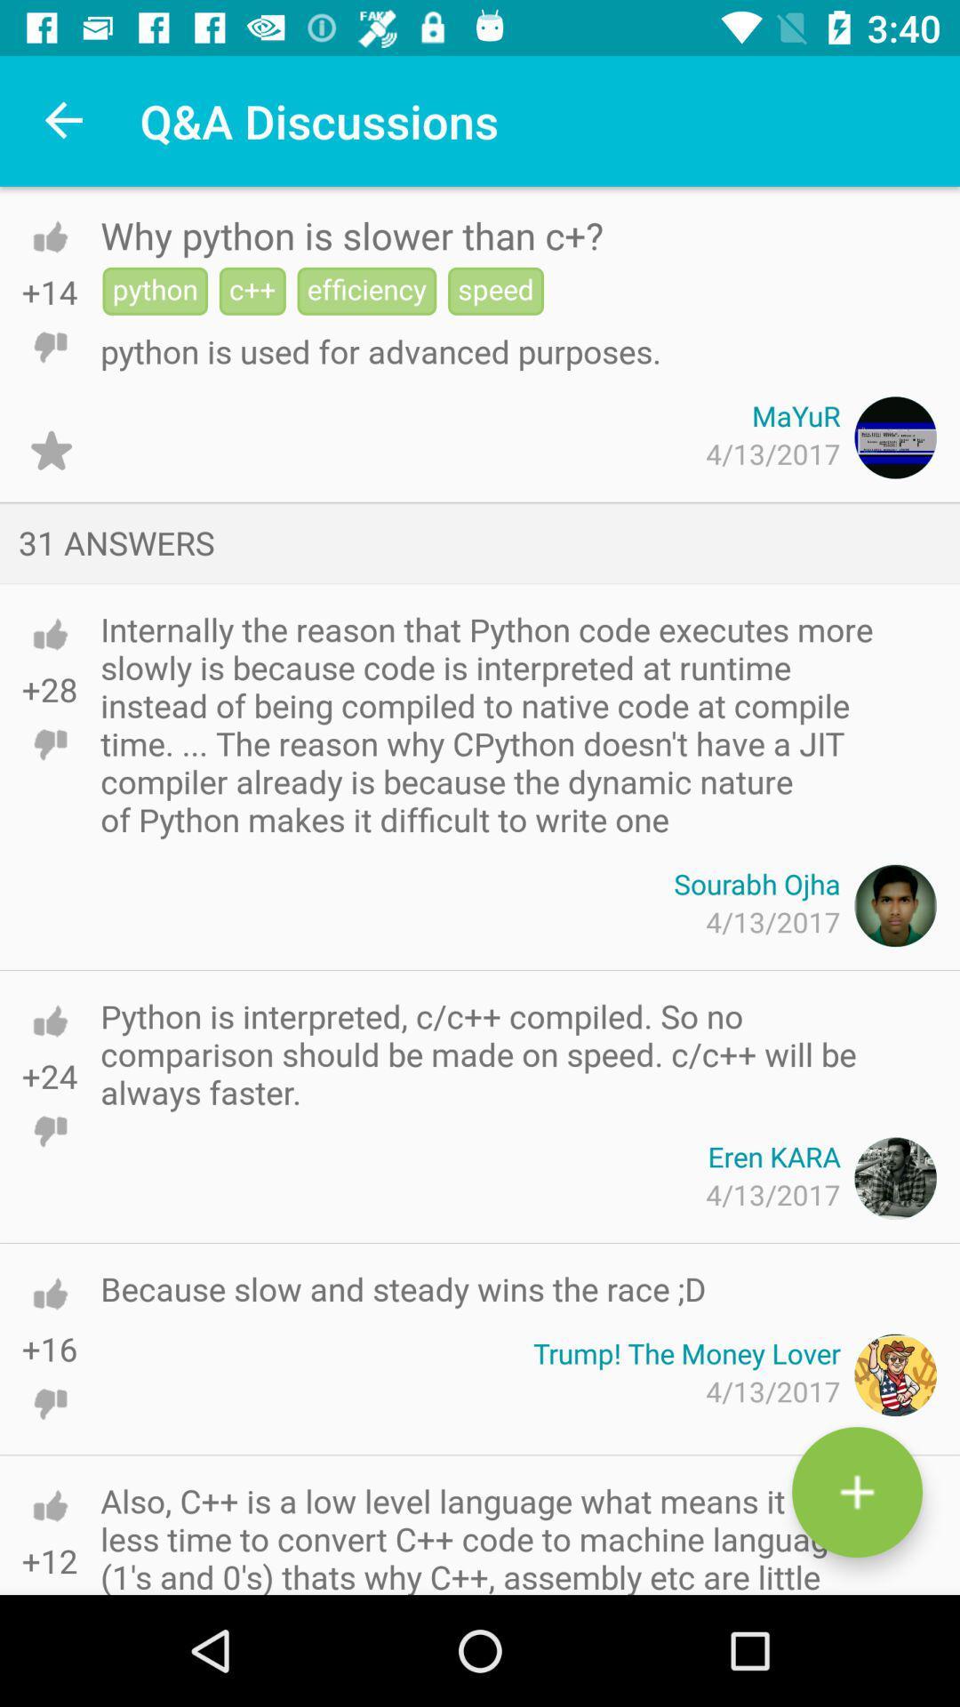  What do you see at coordinates (49, 1130) in the screenshot?
I see `dislike option` at bounding box center [49, 1130].